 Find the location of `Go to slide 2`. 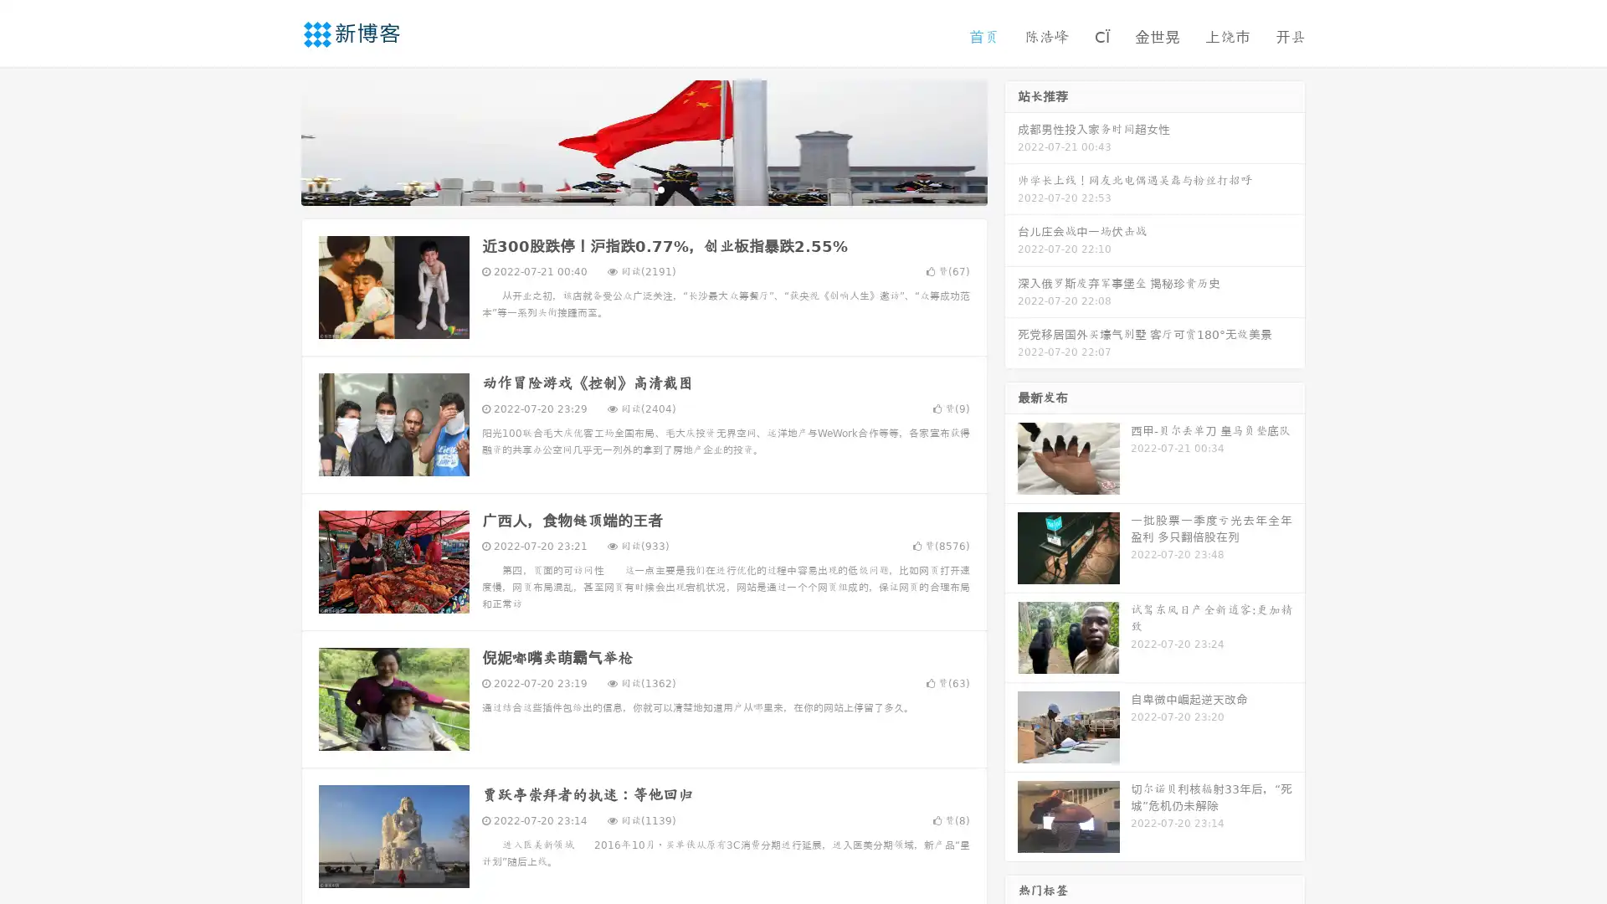

Go to slide 2 is located at coordinates (643, 188).